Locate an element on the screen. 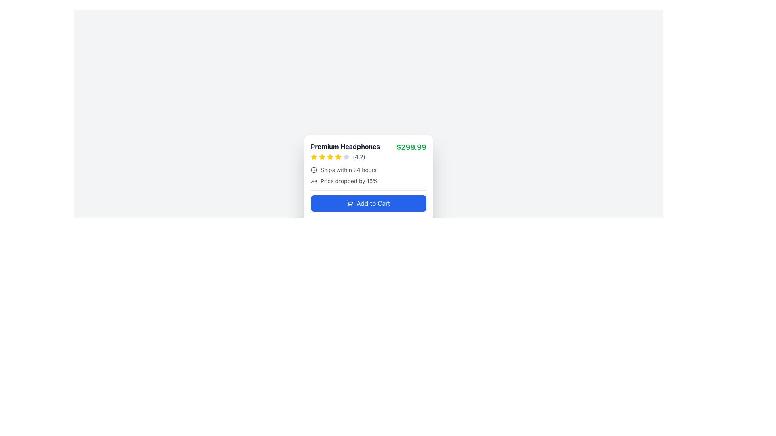  the first yellow star icon in the rating system, which visually signifies the rating value of the product, located immediately after the product title and before the text '(4.2)' is located at coordinates (314, 157).